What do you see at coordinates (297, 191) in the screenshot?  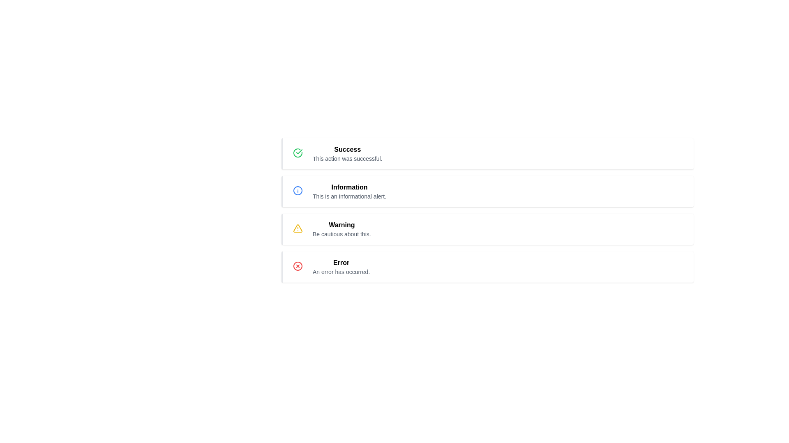 I see `the circular icon containing an 'i' symbol with a blue outline and interior, located on the left side of the alert box labeled 'Information This is an informational alert.'` at bounding box center [297, 191].